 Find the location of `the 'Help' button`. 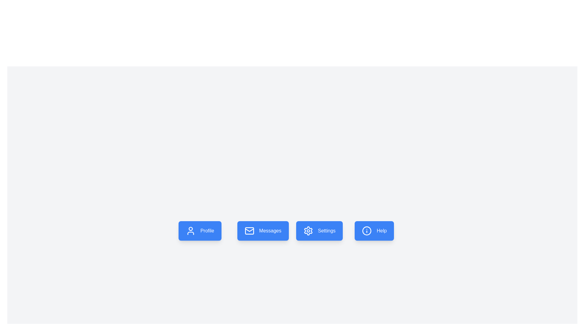

the 'Help' button is located at coordinates (380, 231).